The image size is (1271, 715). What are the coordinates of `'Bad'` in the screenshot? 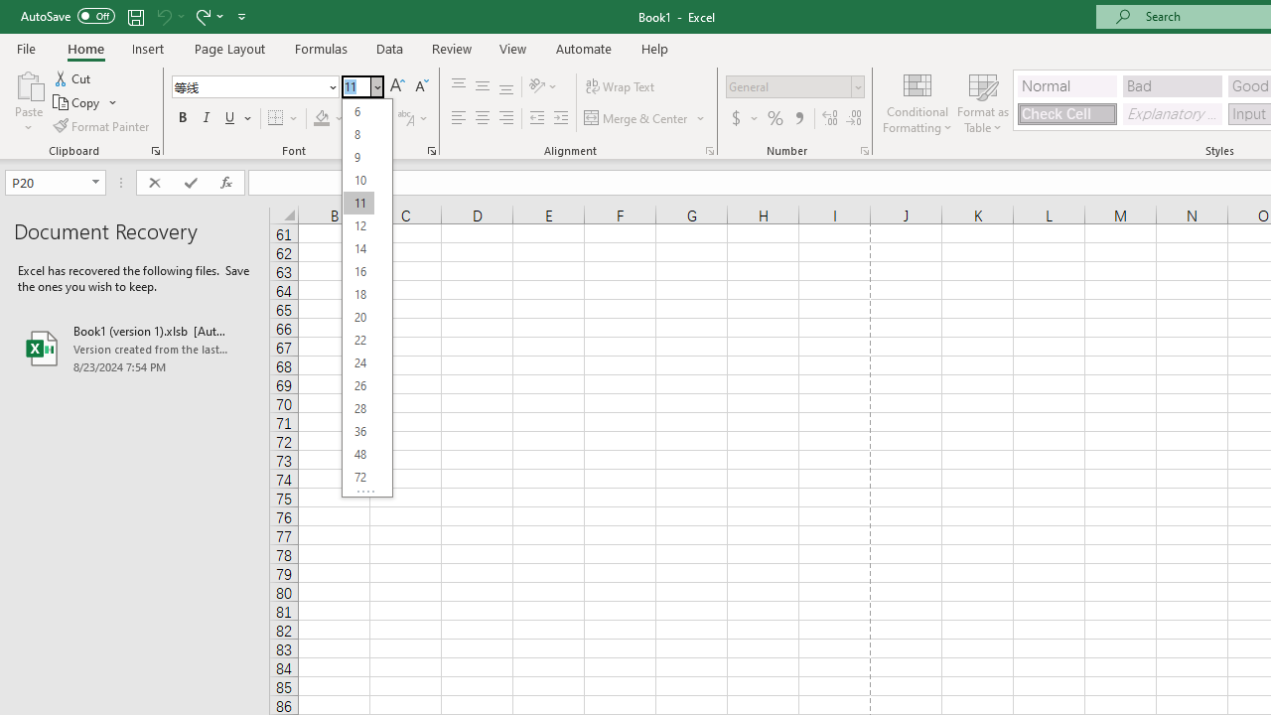 It's located at (1172, 84).